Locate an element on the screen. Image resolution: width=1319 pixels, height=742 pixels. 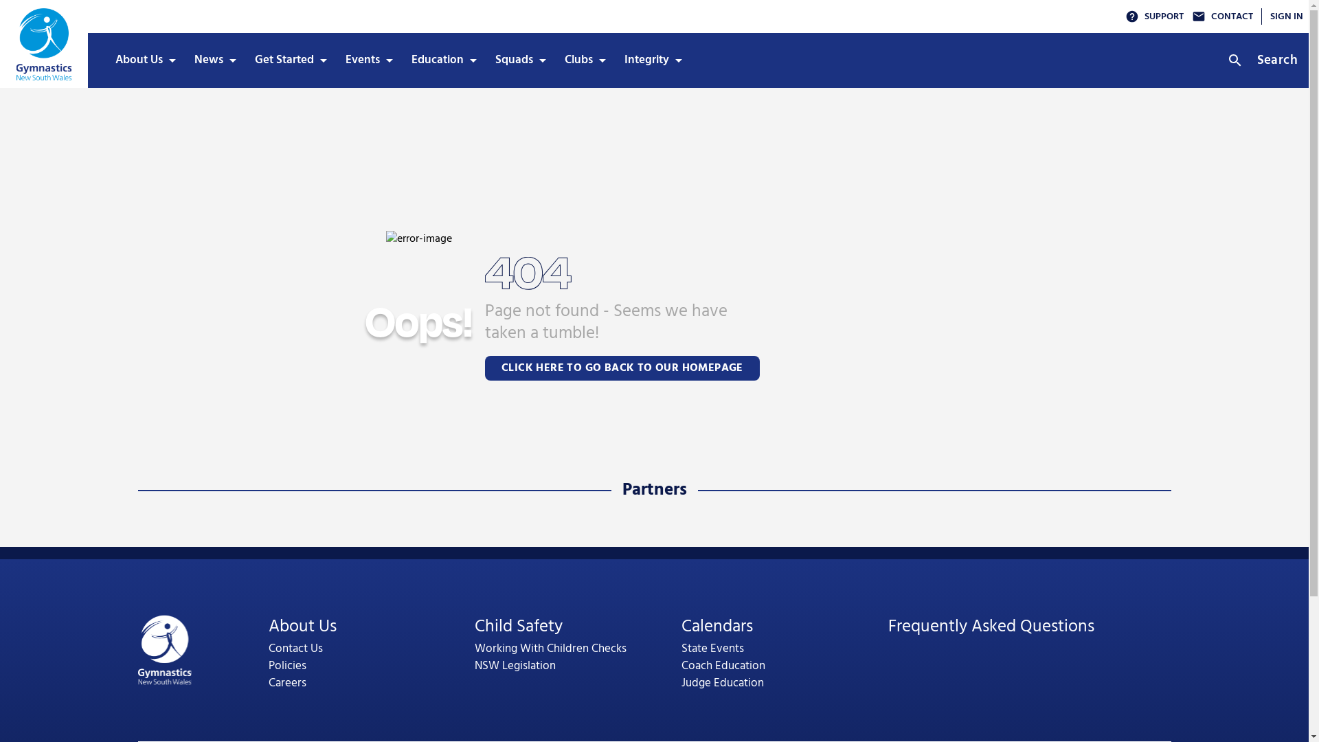
'CONTACT' is located at coordinates (1222, 16).